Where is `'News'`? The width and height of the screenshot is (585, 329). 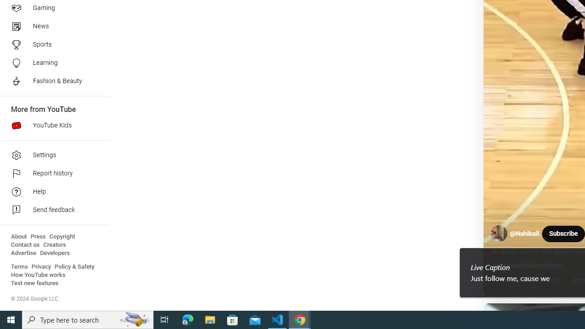
'News' is located at coordinates (51, 26).